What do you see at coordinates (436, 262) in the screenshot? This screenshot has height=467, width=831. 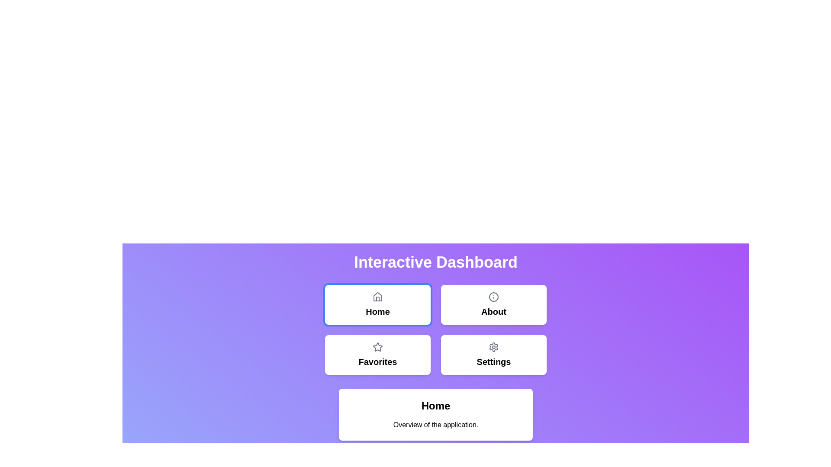 I see `the title text 'Interactive Dashboard'` at bounding box center [436, 262].